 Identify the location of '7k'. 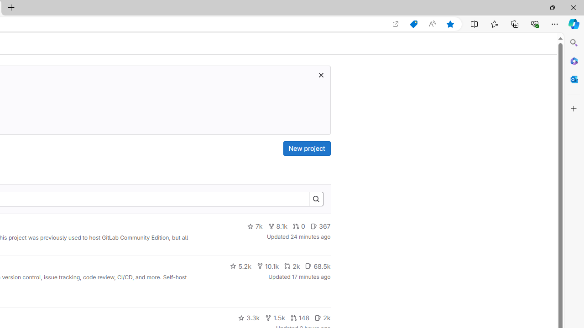
(255, 226).